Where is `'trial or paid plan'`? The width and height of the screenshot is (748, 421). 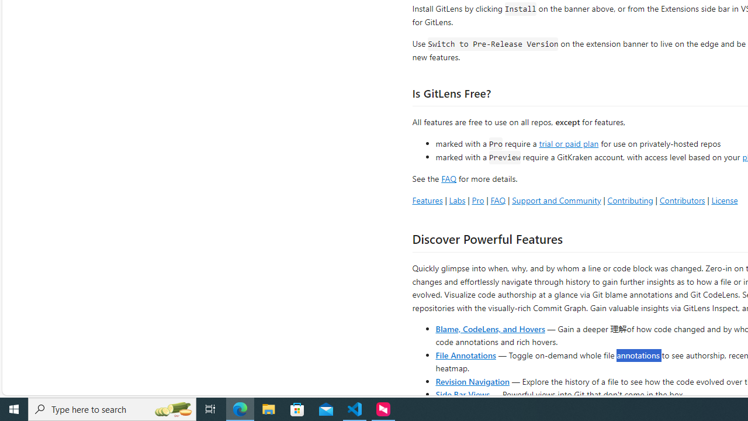
'trial or paid plan' is located at coordinates (569, 142).